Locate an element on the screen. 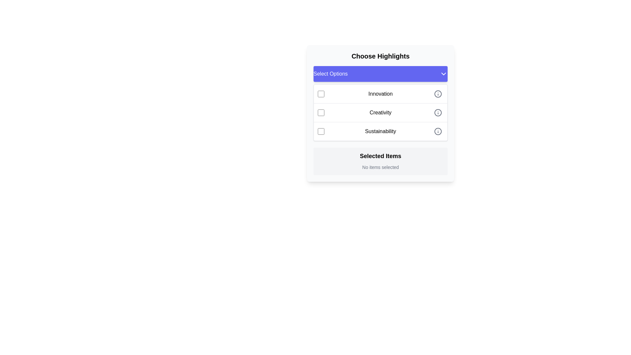 The height and width of the screenshot is (355, 631). the small circular button with a gray border and an information icon, located to the far-right of the 'Creativity' row is located at coordinates (438, 112).